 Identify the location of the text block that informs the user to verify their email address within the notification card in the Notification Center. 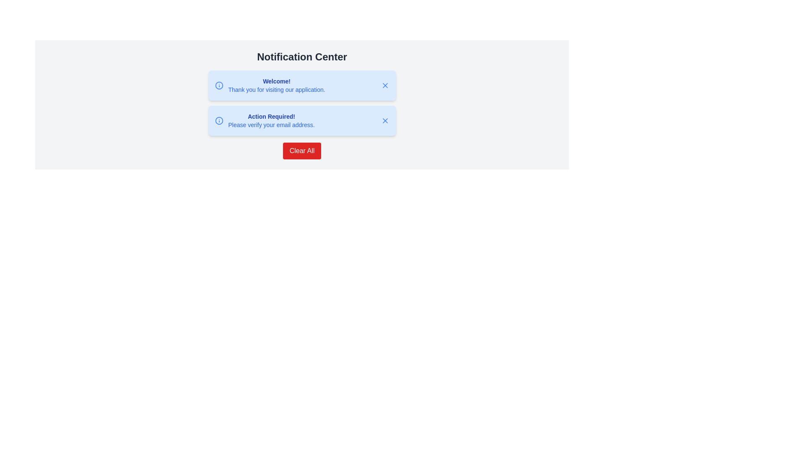
(271, 121).